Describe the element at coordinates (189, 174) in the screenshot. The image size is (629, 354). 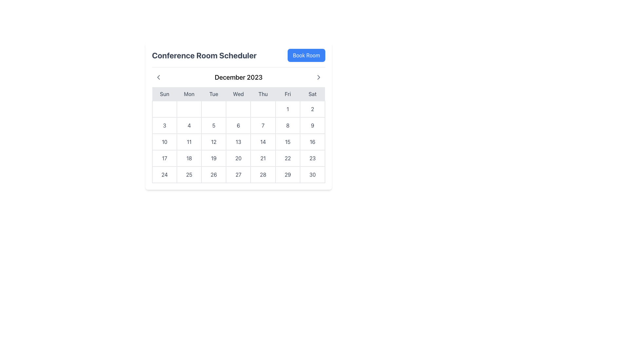
I see `the text label representing the date '25' in the third column of the last row of the calendar` at that location.